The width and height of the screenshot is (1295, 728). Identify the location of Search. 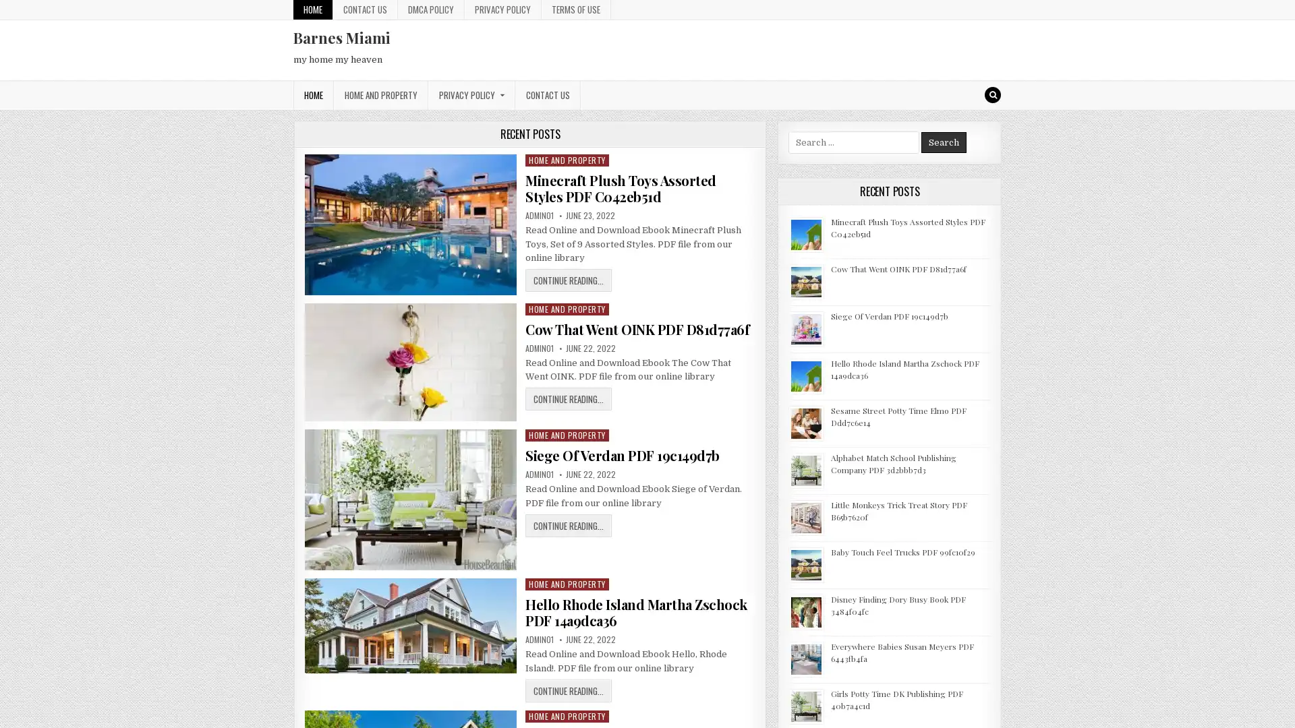
(943, 142).